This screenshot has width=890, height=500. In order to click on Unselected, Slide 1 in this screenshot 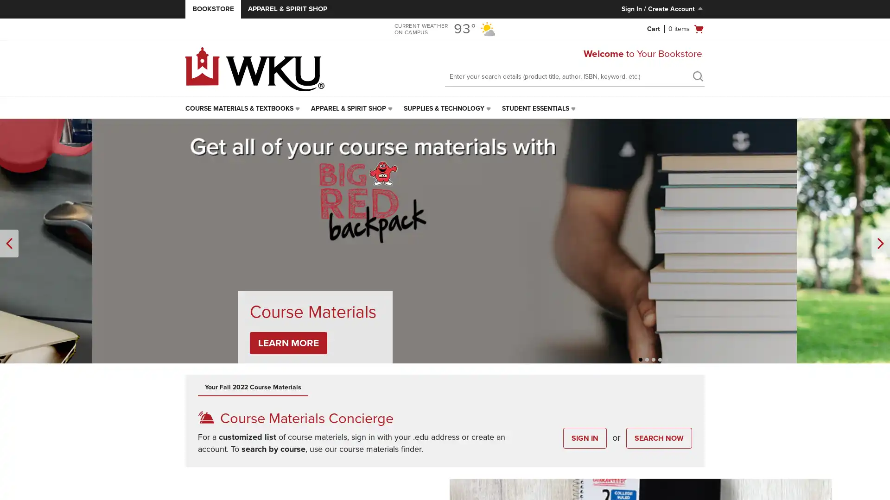, I will do `click(640, 359)`.